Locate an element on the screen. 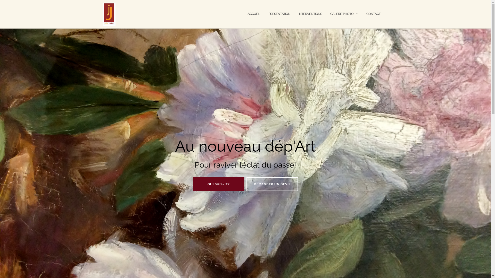 The image size is (495, 278). 'GALERIE PHOTO' is located at coordinates (341, 14).